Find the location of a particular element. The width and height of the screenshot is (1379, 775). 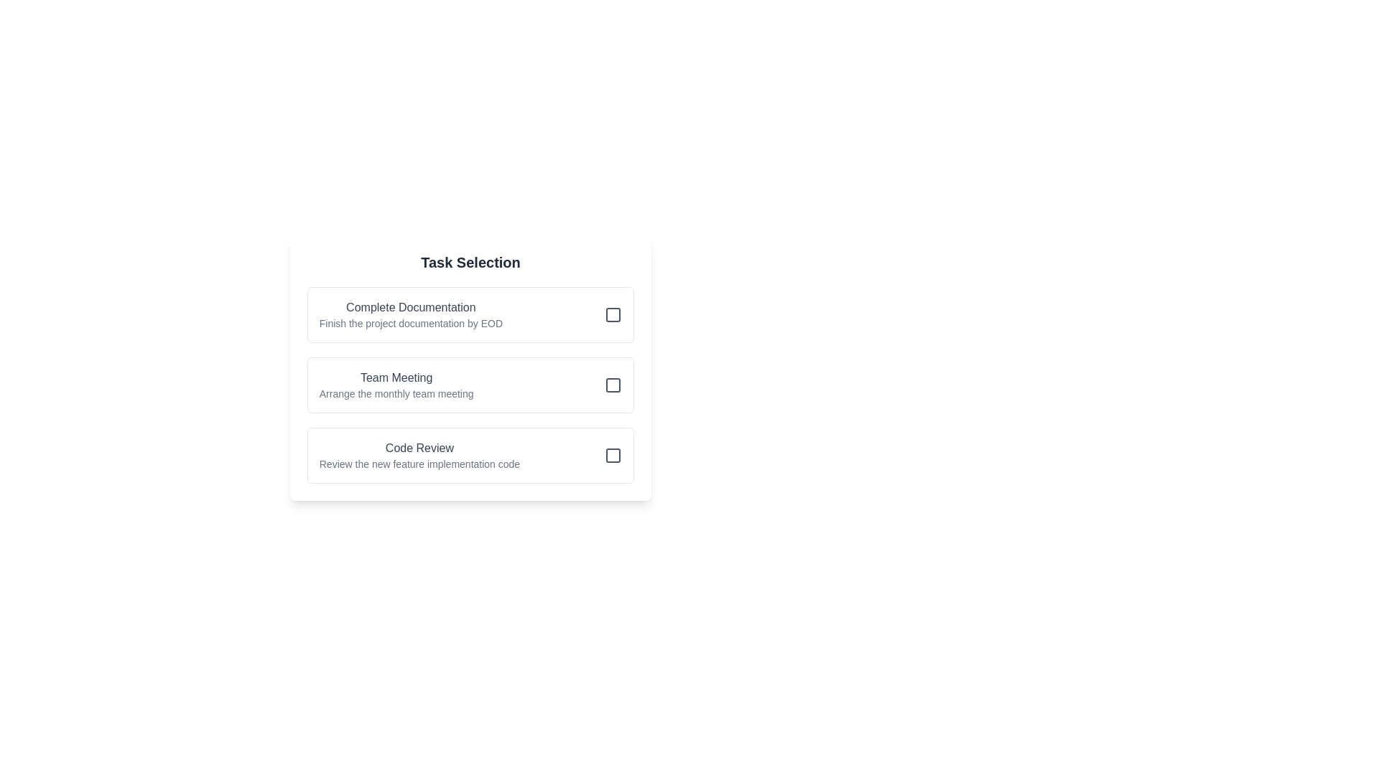

the second list item titled 'Team Meeting' is located at coordinates (470, 384).